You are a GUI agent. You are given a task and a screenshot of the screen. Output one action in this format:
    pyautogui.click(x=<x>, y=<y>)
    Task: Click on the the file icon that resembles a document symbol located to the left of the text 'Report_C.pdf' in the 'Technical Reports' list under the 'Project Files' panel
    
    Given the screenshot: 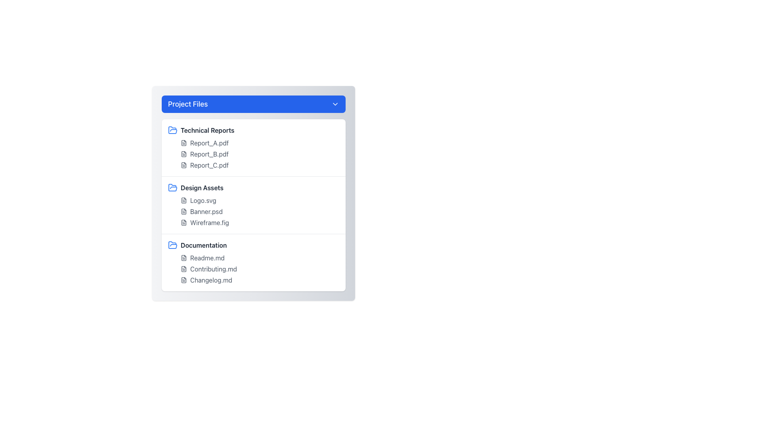 What is the action you would take?
    pyautogui.click(x=184, y=164)
    